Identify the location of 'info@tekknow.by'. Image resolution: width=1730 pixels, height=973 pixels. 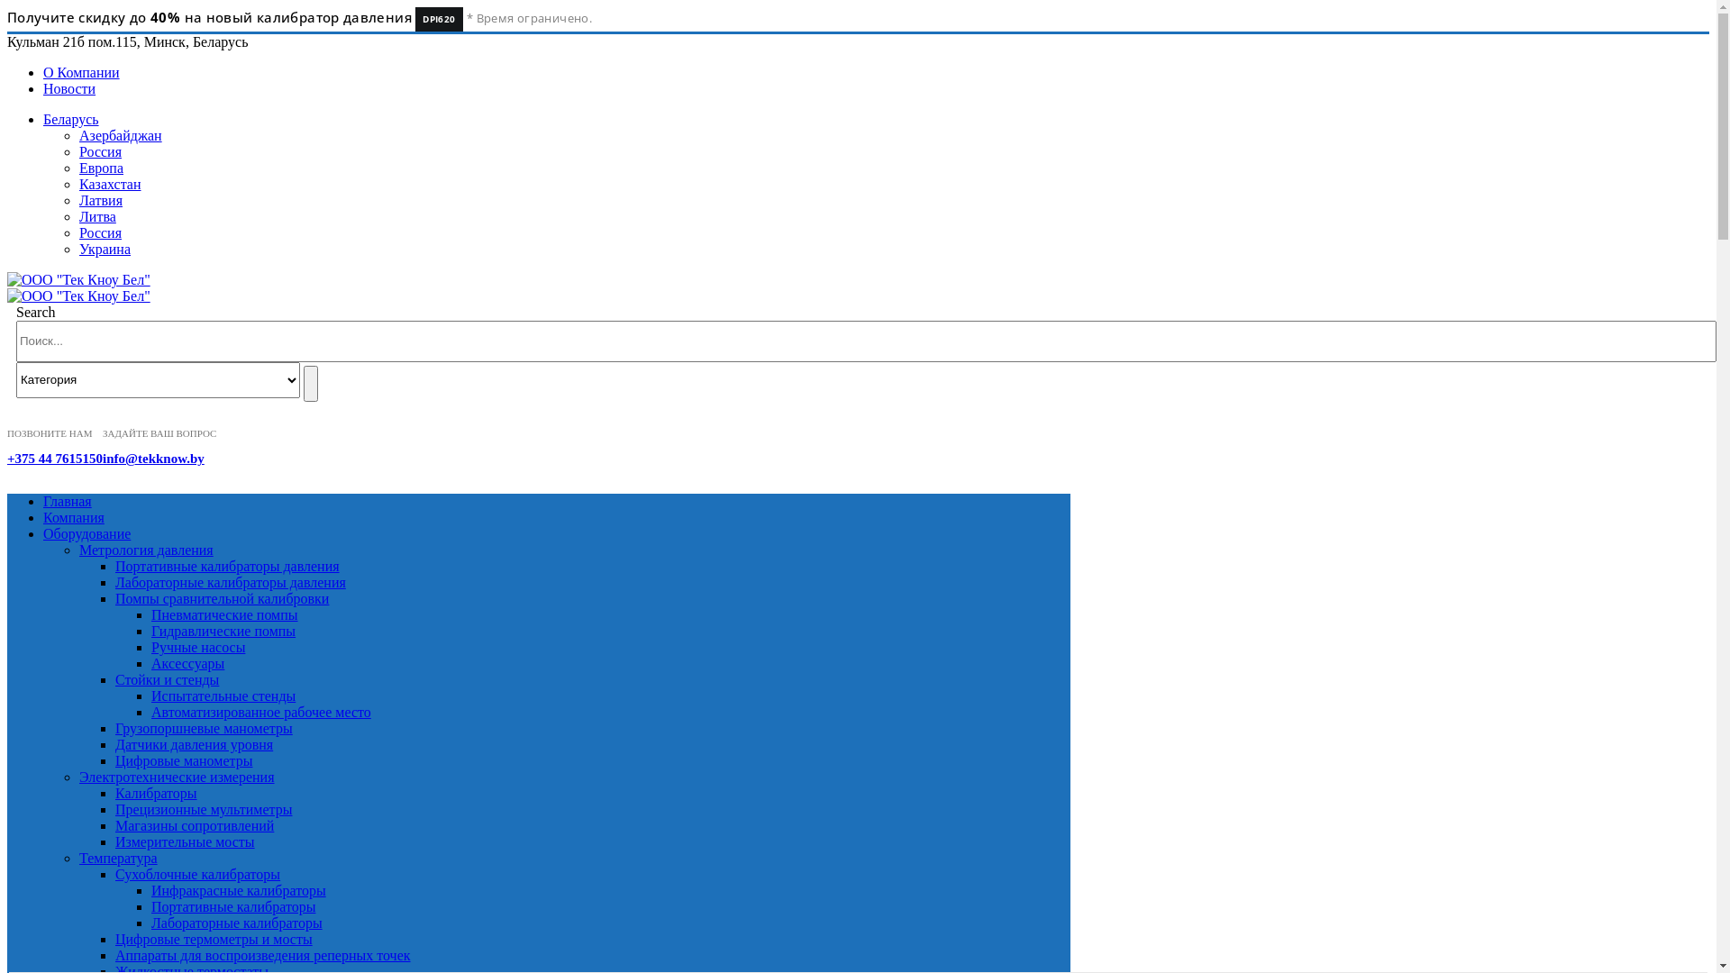
(153, 458).